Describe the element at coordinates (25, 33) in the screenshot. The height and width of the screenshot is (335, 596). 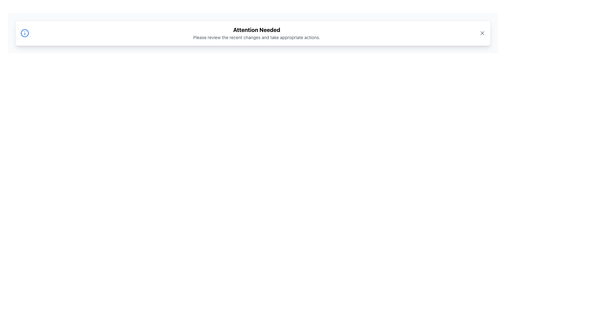
I see `the information or notification icon located within the notification box on the left side, which is the first component adjacent to the text content` at that location.